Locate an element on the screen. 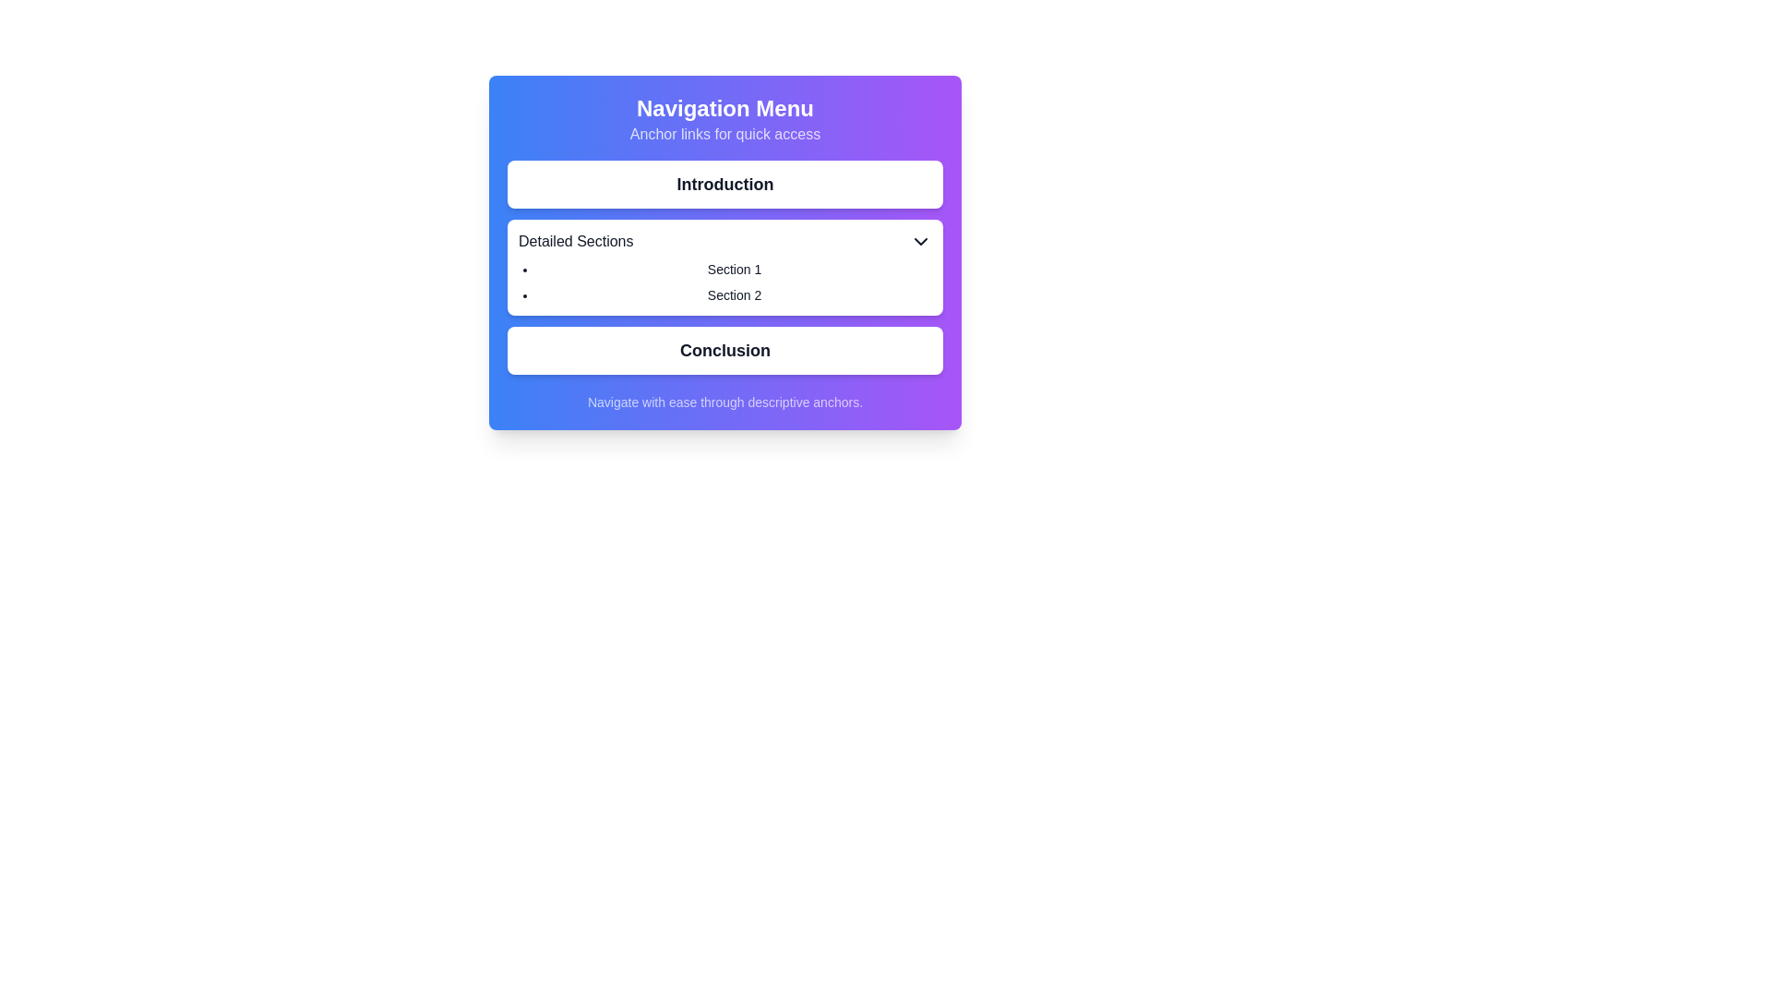 The height and width of the screenshot is (997, 1772). the 'Conclusion' button-like navigation link, which has a white background, rounded corners, and bold text is located at coordinates (724, 351).